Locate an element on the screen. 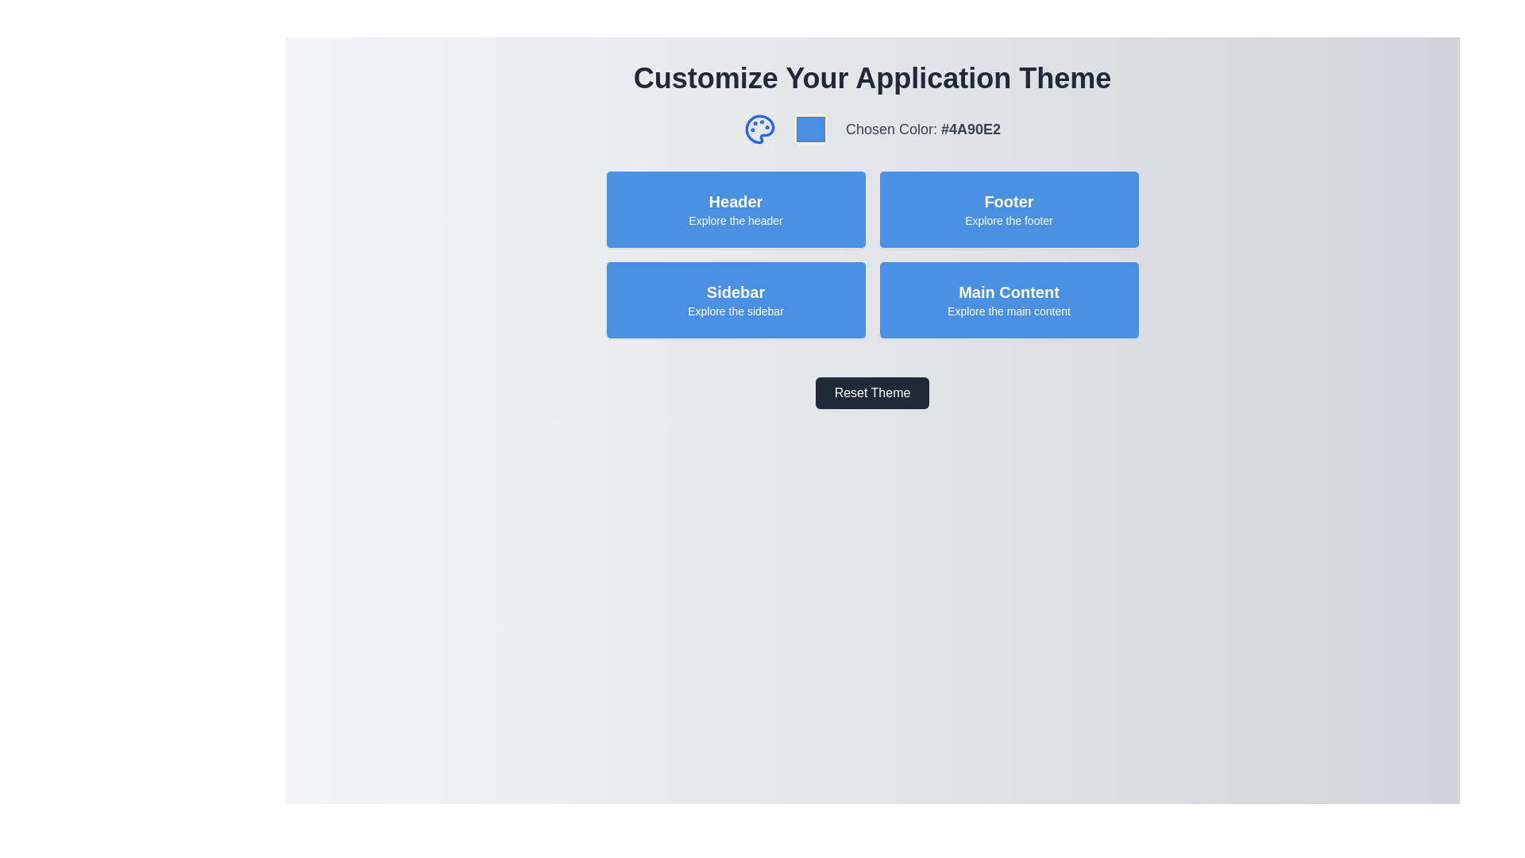 This screenshot has width=1525, height=858. the blue rectangular display box containing the bold 'Header' text and the smaller 'Explore the header' text, located in the top-left of the grid layout is located at coordinates (735, 208).